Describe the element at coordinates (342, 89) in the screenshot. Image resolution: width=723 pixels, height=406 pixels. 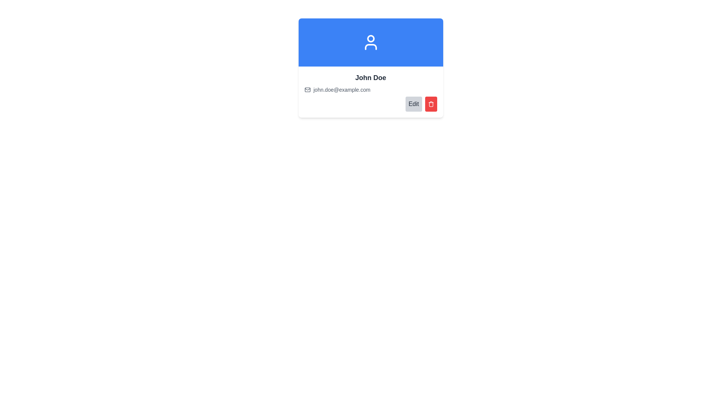
I see `the text displaying the email address 'john.doe@example.com' located in the profile card interface, directly below the name 'John Doe' and adjacent to the email icon` at that location.